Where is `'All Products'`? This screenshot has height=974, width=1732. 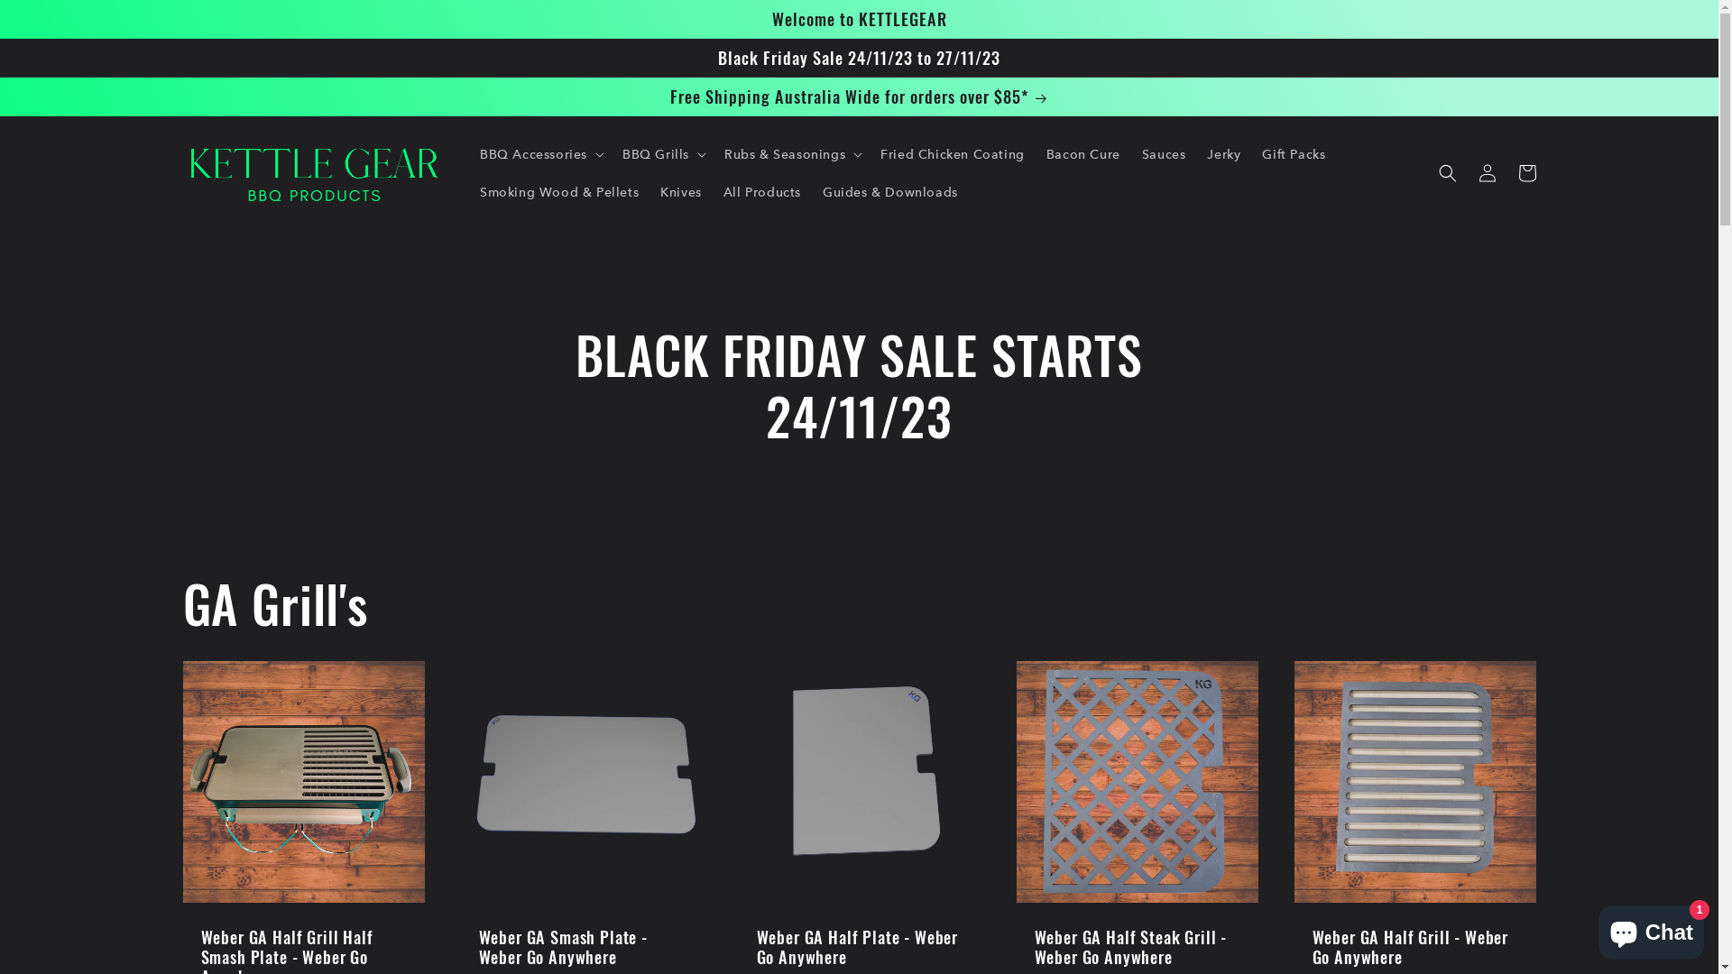
'All Products' is located at coordinates (761, 191).